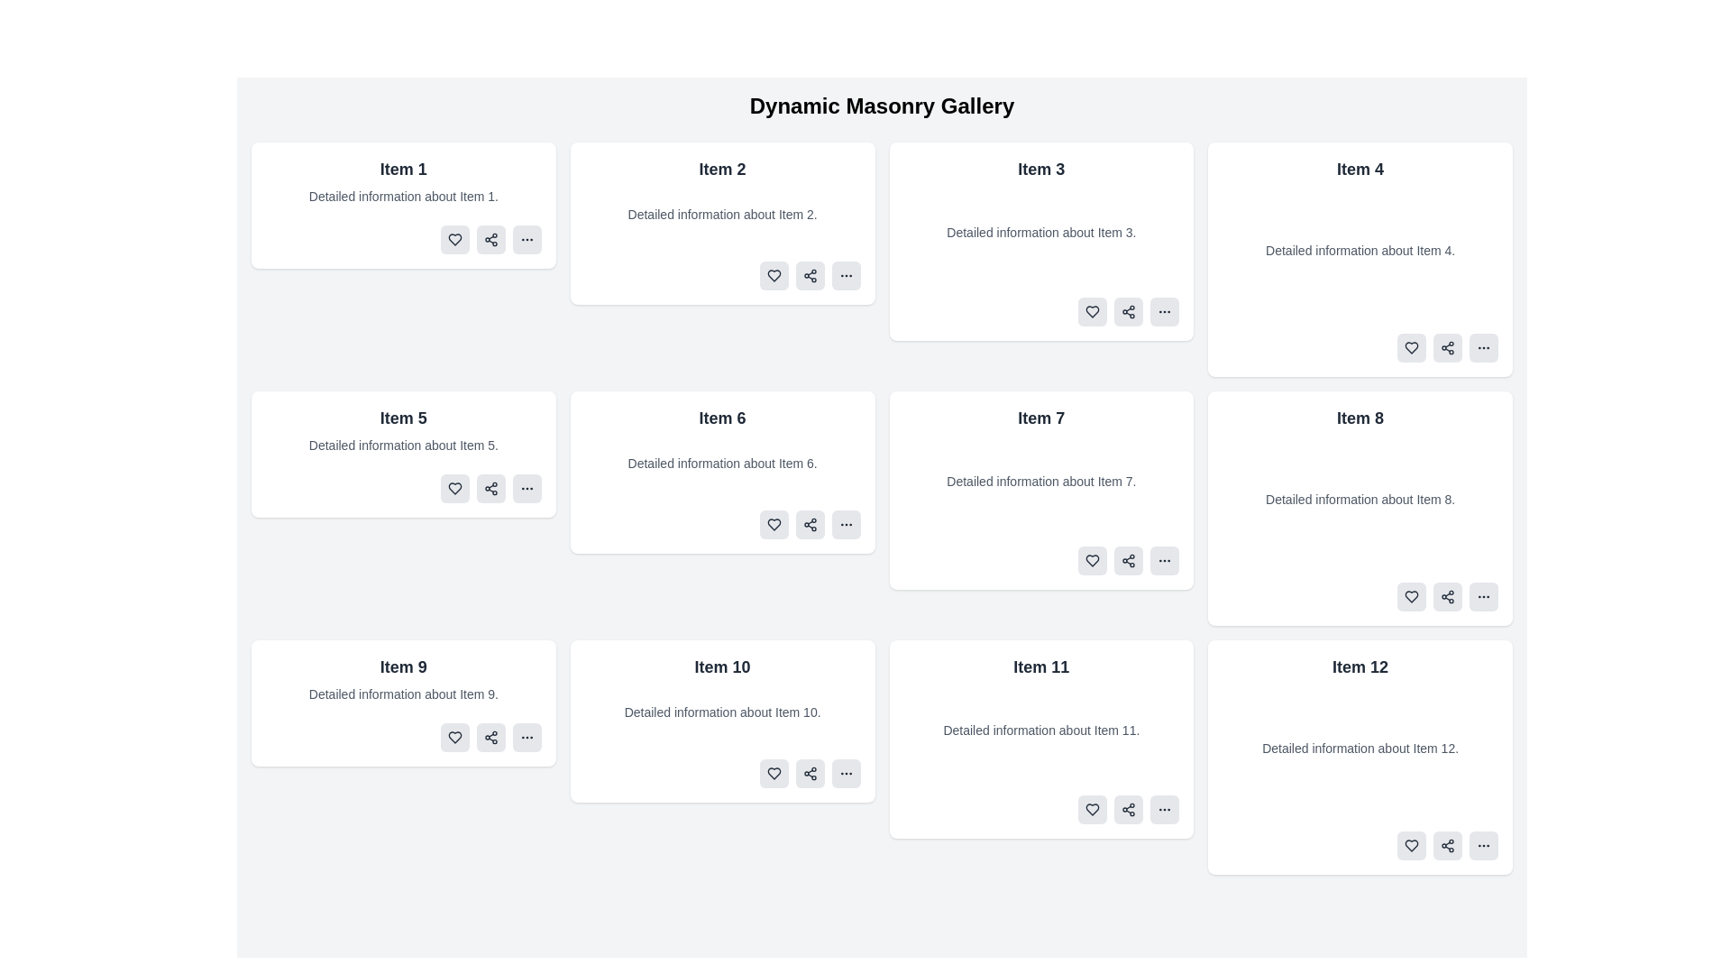 This screenshot has height=974, width=1731. What do you see at coordinates (774, 275) in the screenshot?
I see `the 'like' or favorite IconButton located in the action area of 'Item 2' in the 'Dynamic Masonry Gallery' layout` at bounding box center [774, 275].